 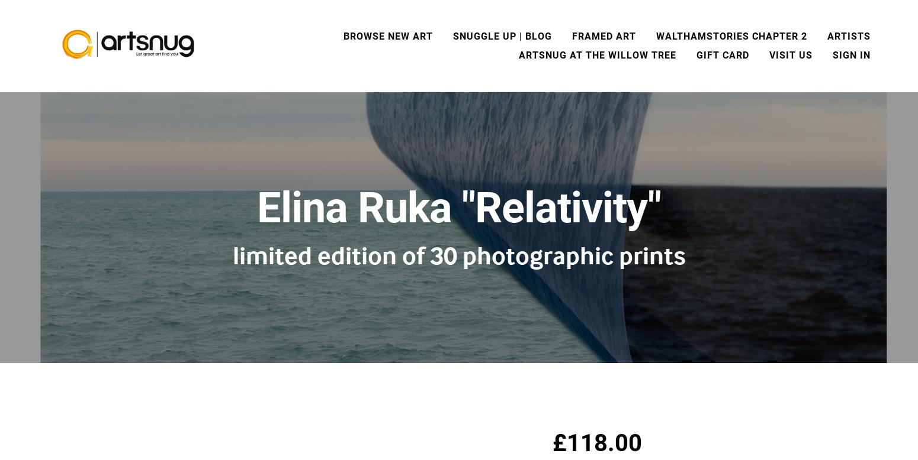 What do you see at coordinates (459, 207) in the screenshot?
I see `'elina ruka "relativity"'` at bounding box center [459, 207].